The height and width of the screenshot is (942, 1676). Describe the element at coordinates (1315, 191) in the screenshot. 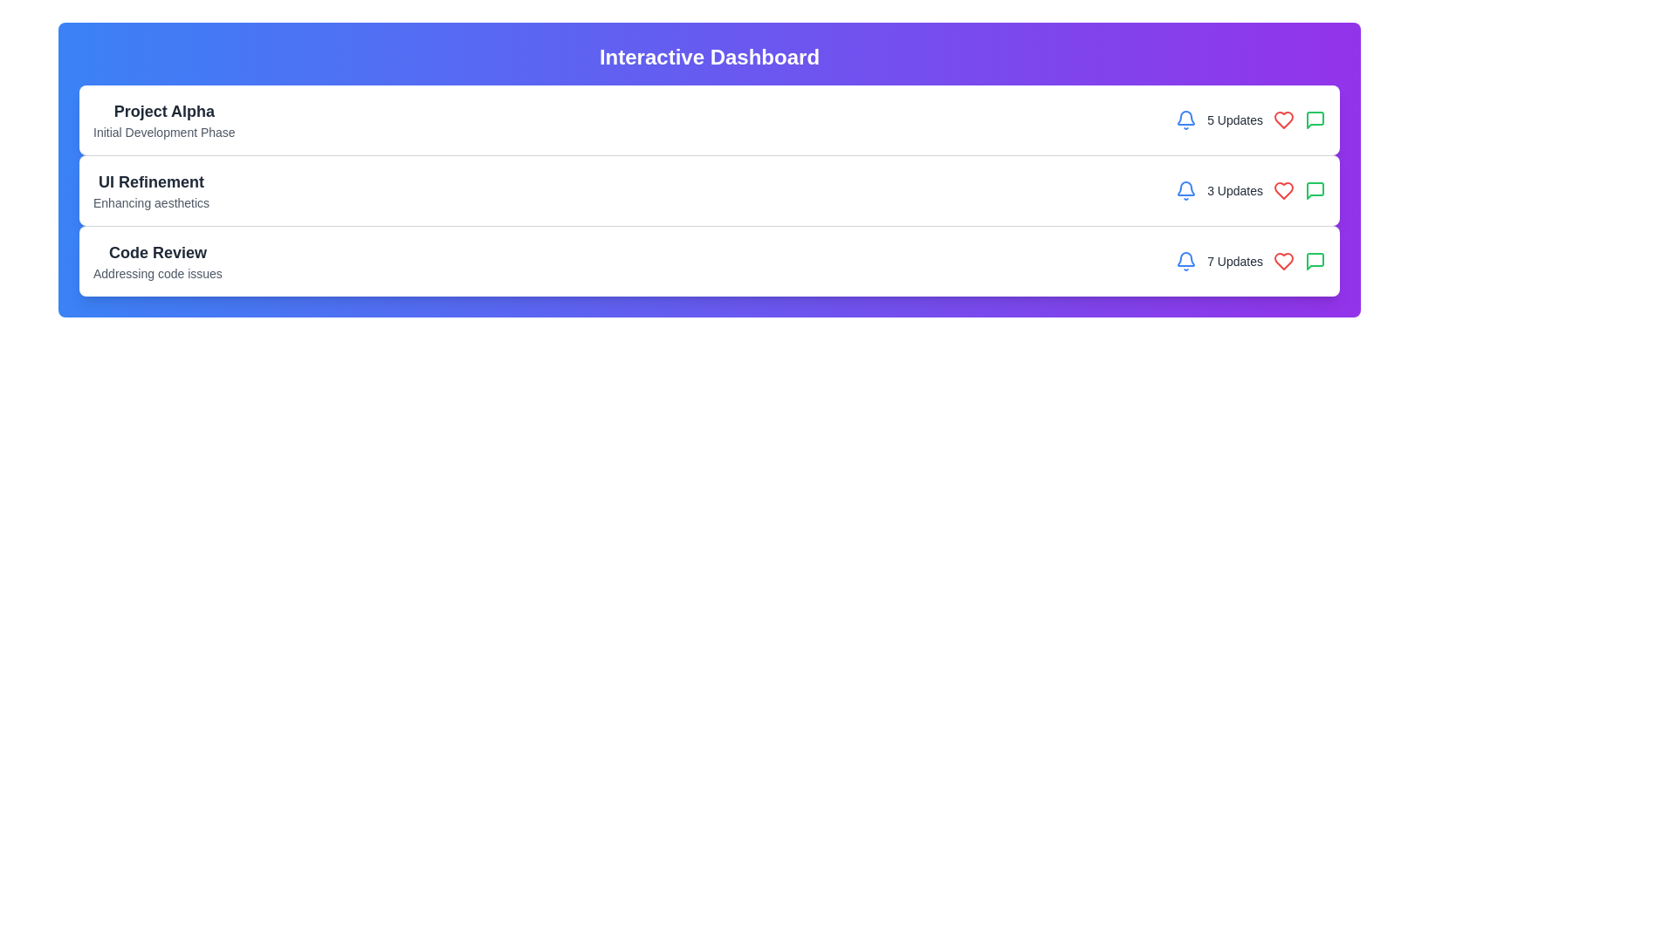

I see `the icon located in the third notification group from the top, to the far right, immediately right of the red heart icon` at that location.